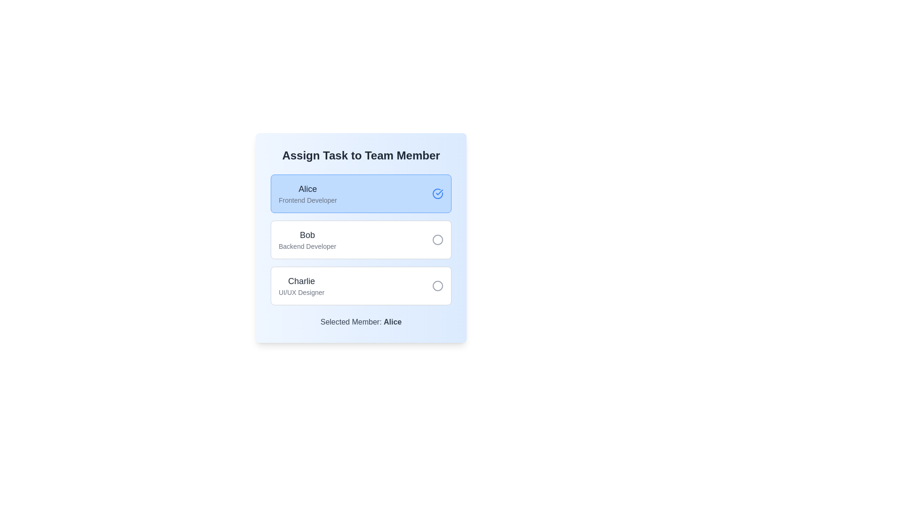  What do you see at coordinates (361, 239) in the screenshot?
I see `the selectable list item representing 'Bob - Backend Developer', the second item in the vertical list of team members` at bounding box center [361, 239].